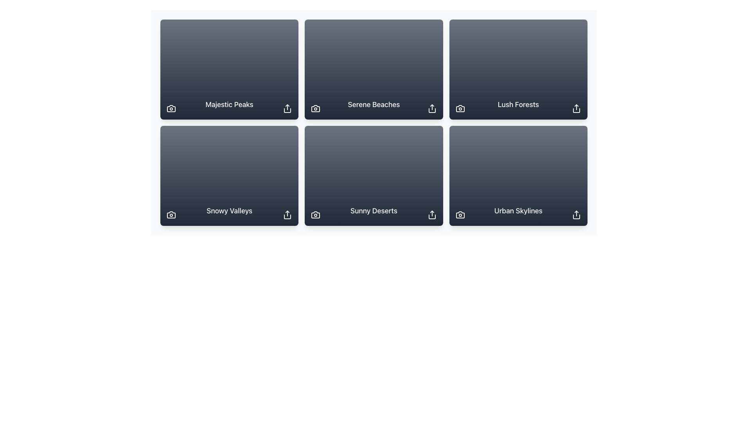  I want to click on the camera icon located at the bottom-left corner of the 'Serene Beaches' card, which has a thin outline and is styled in white over a semi-transparent dark background, so click(316, 108).